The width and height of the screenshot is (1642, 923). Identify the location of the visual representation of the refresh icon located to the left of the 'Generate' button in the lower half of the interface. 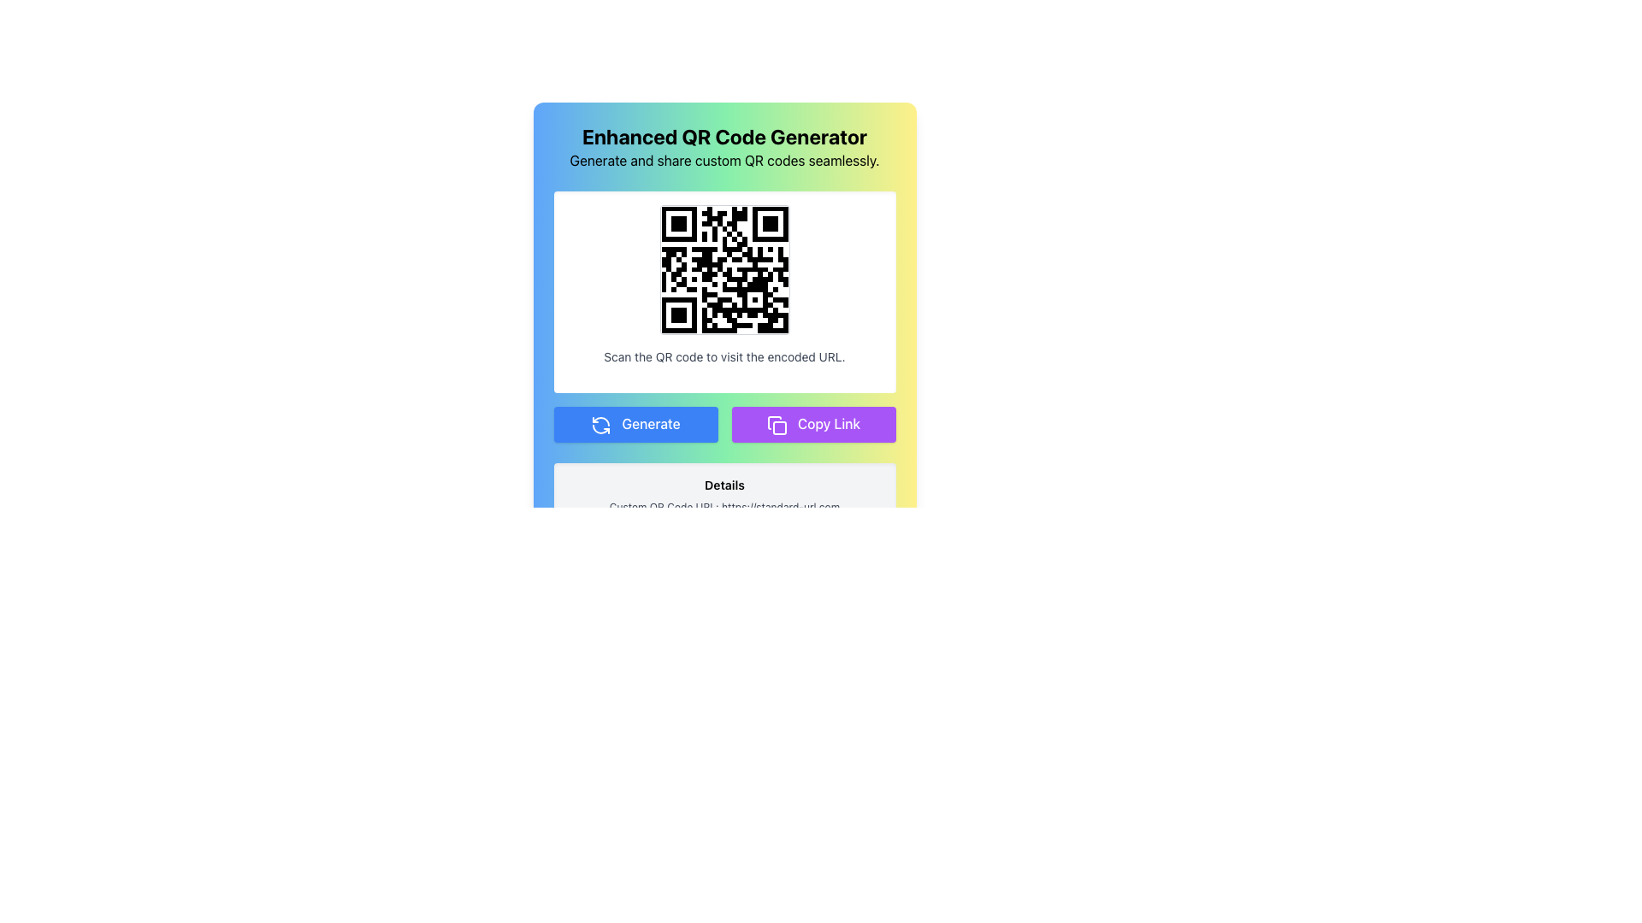
(601, 424).